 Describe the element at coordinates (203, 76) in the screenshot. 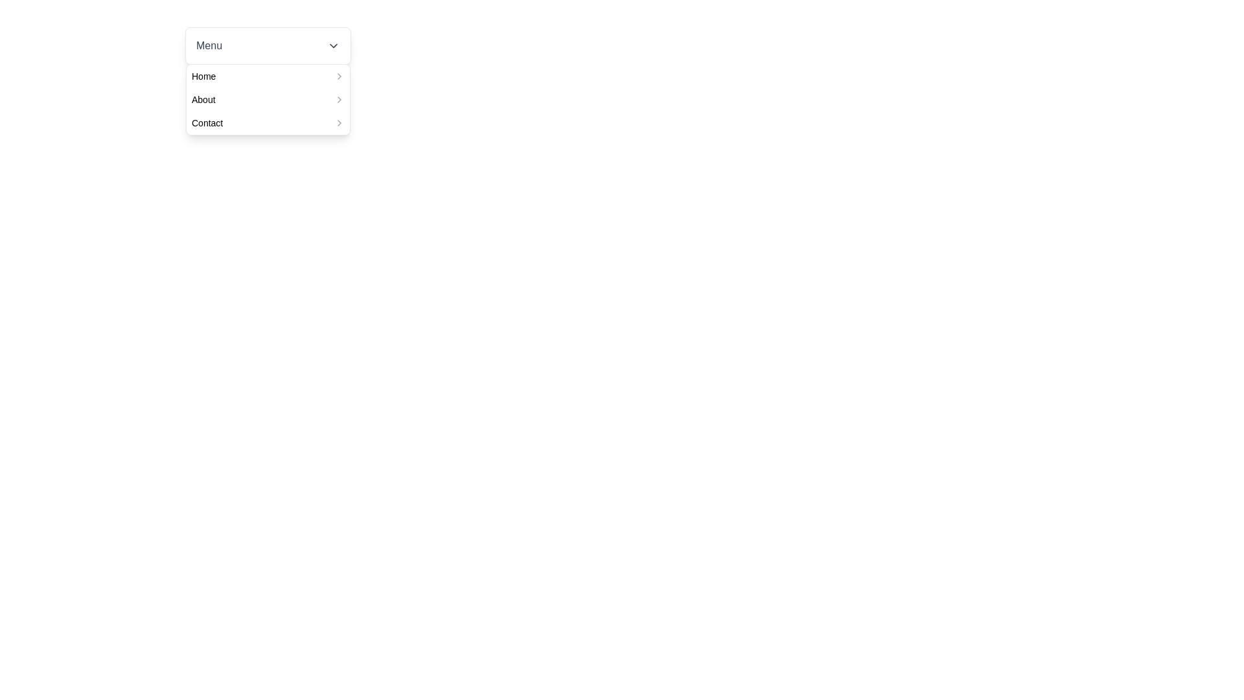

I see `the 'Home' text label in the dropdown menu titled 'Menu', which is the first item in the list of navigation options` at that location.